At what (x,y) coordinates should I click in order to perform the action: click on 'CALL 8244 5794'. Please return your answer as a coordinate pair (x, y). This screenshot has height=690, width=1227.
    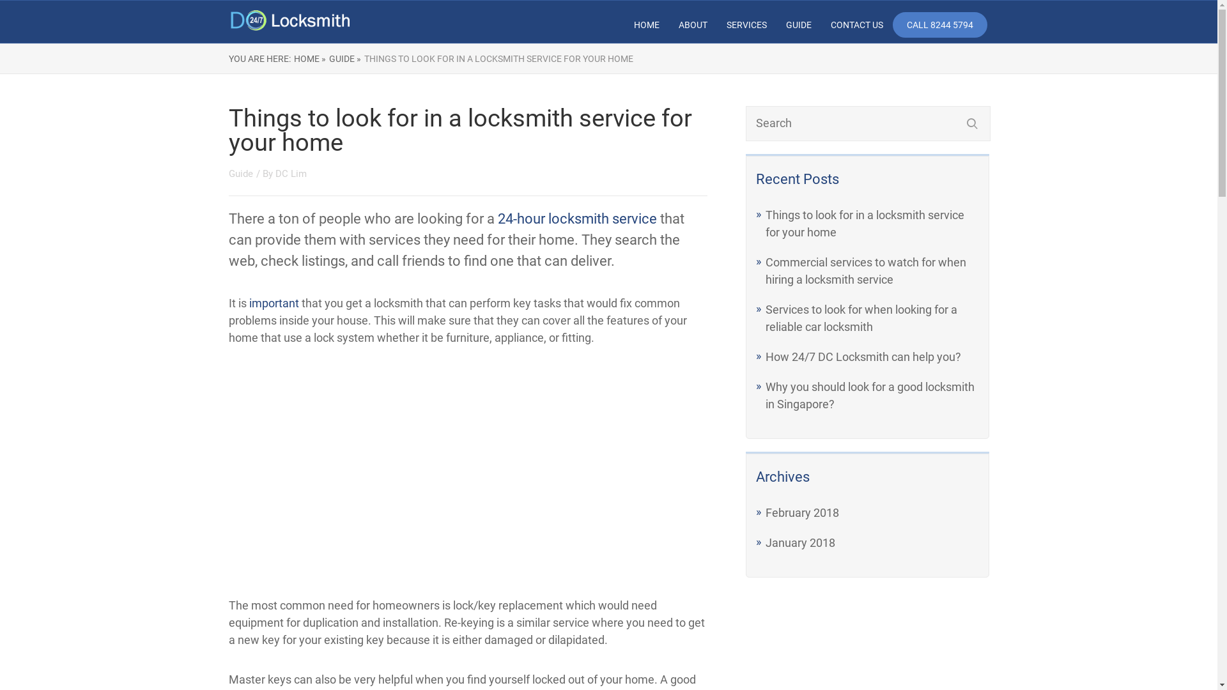
    Looking at the image, I should click on (939, 24).